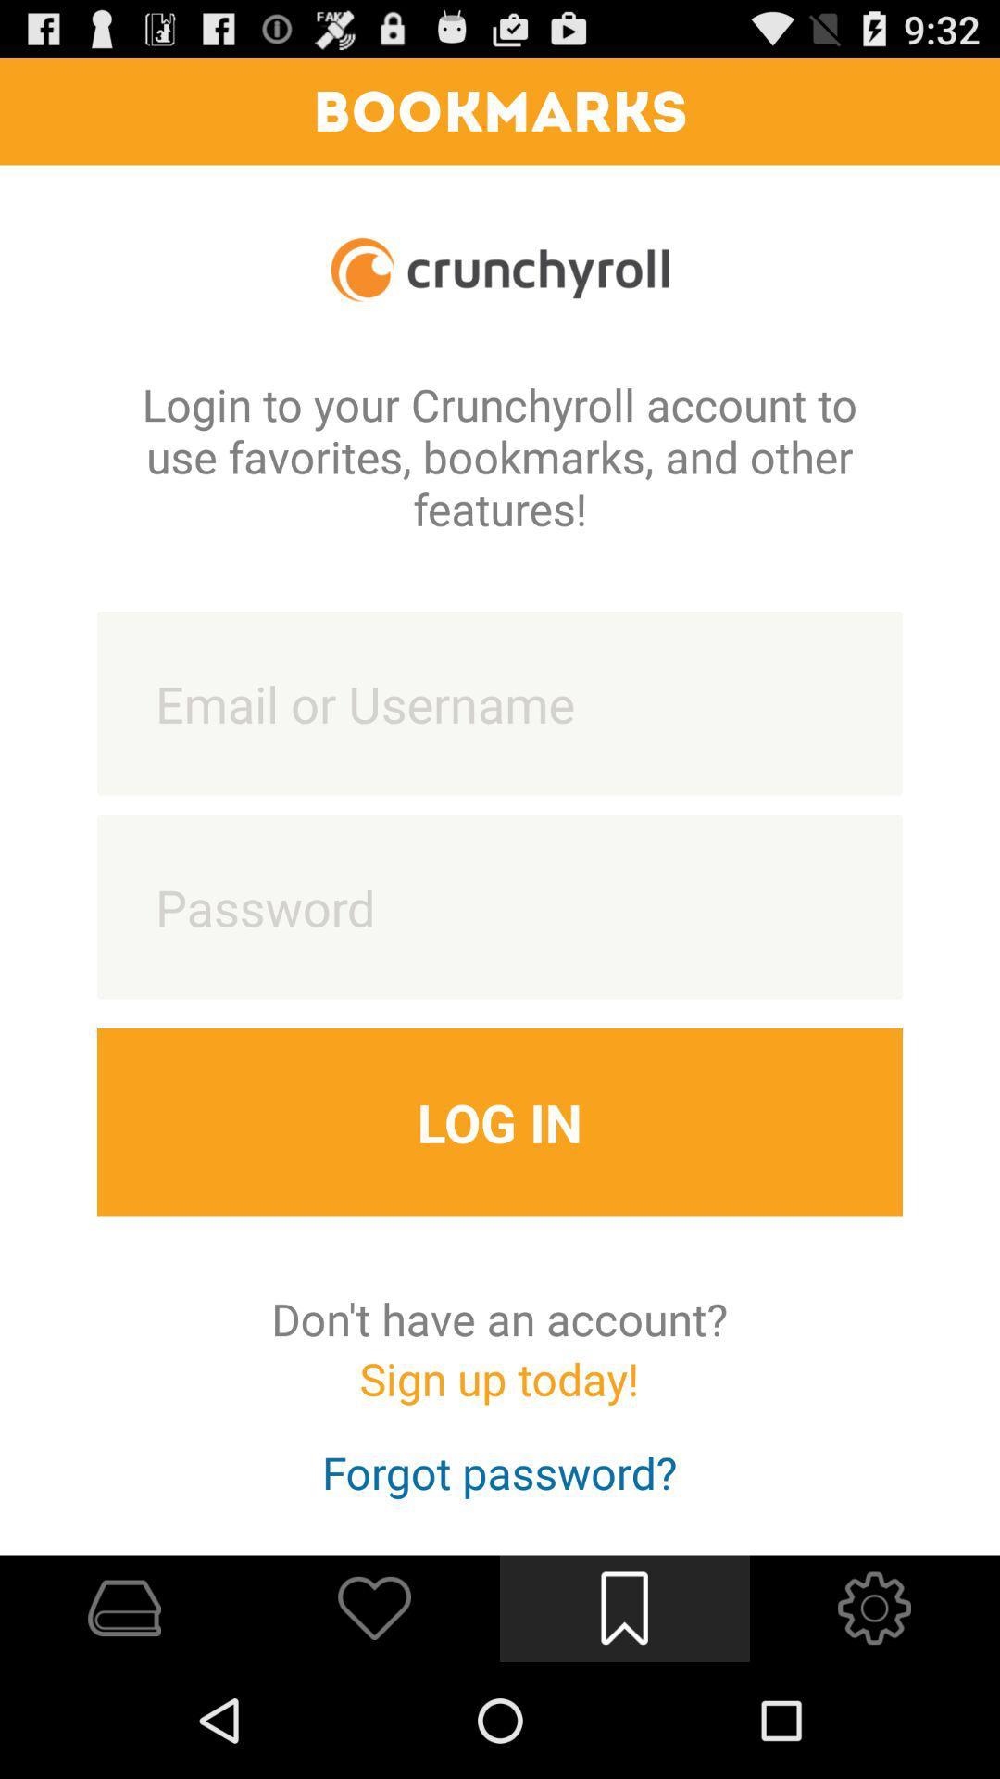  I want to click on a box for entering password, so click(500, 907).